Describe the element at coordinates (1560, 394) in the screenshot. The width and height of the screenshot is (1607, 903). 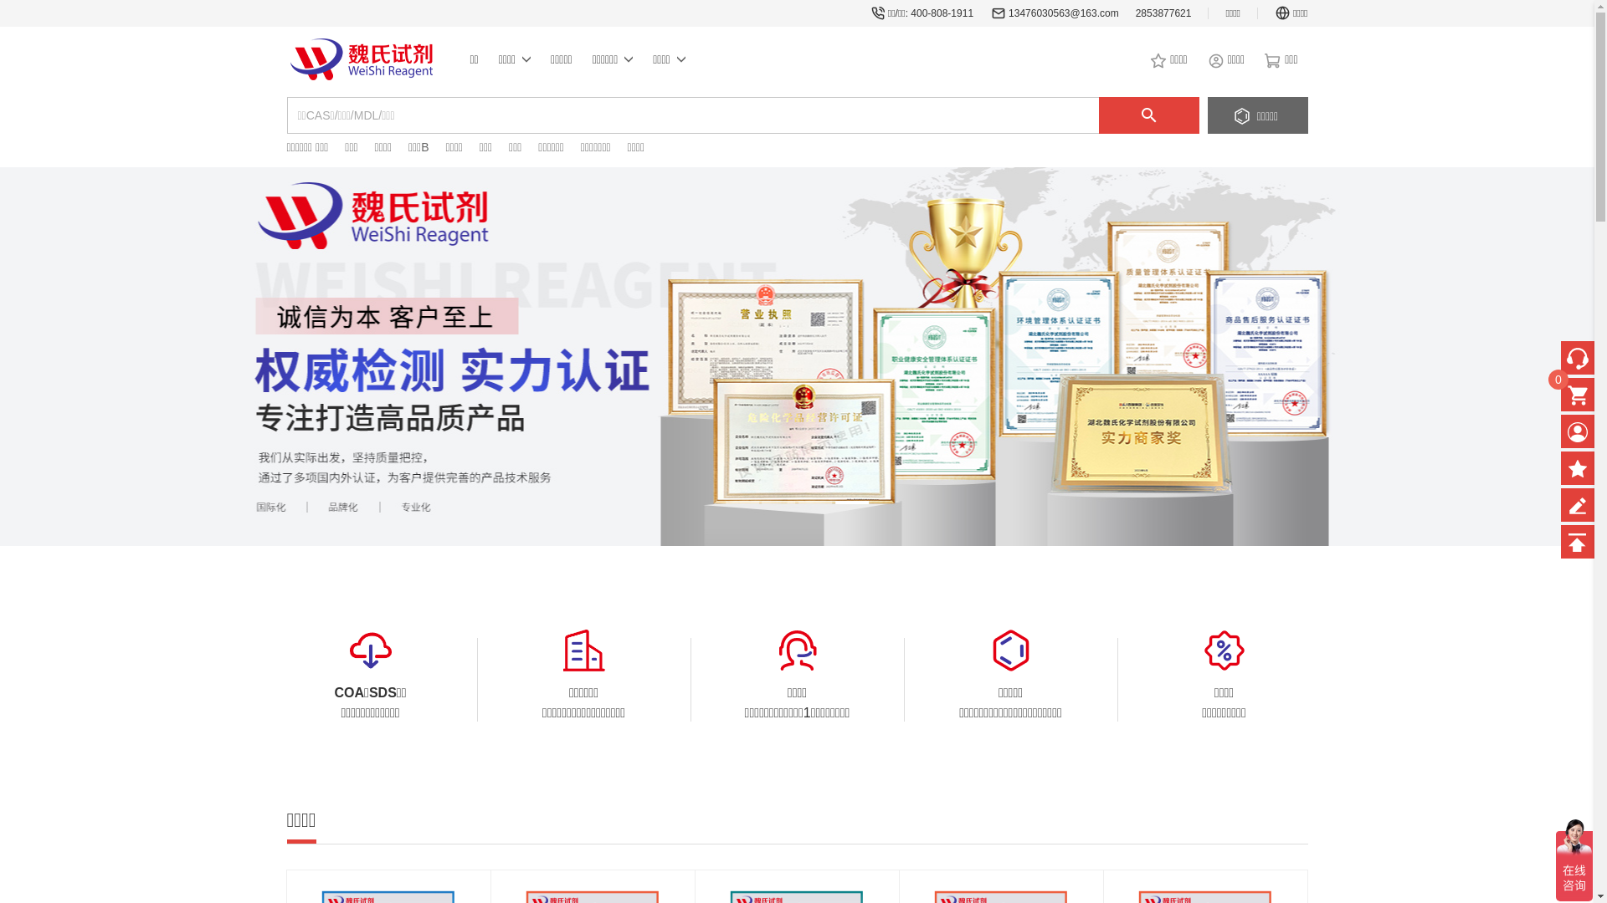
I see `'0'` at that location.